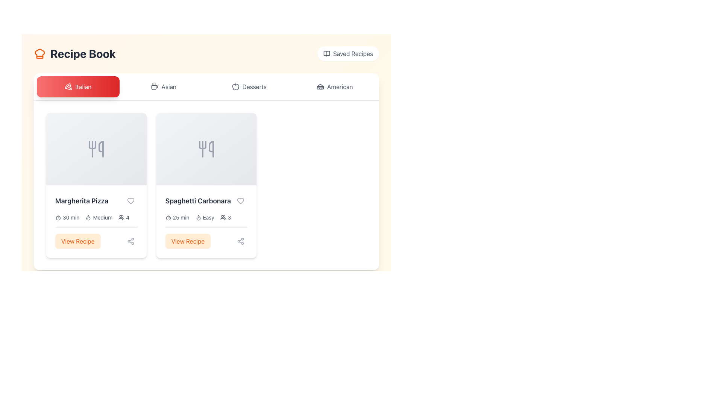  What do you see at coordinates (67, 217) in the screenshot?
I see `the '30 min' text and clock icon element, which is the first item in the recipe card group below the title 'Margherita Pizza'` at bounding box center [67, 217].